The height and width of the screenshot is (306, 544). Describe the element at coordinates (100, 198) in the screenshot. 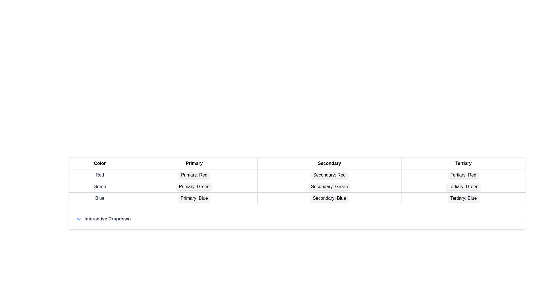

I see `the Static Text Label displaying the word 'Blue', which is located in the third row of the table under the 'Color' column` at that location.